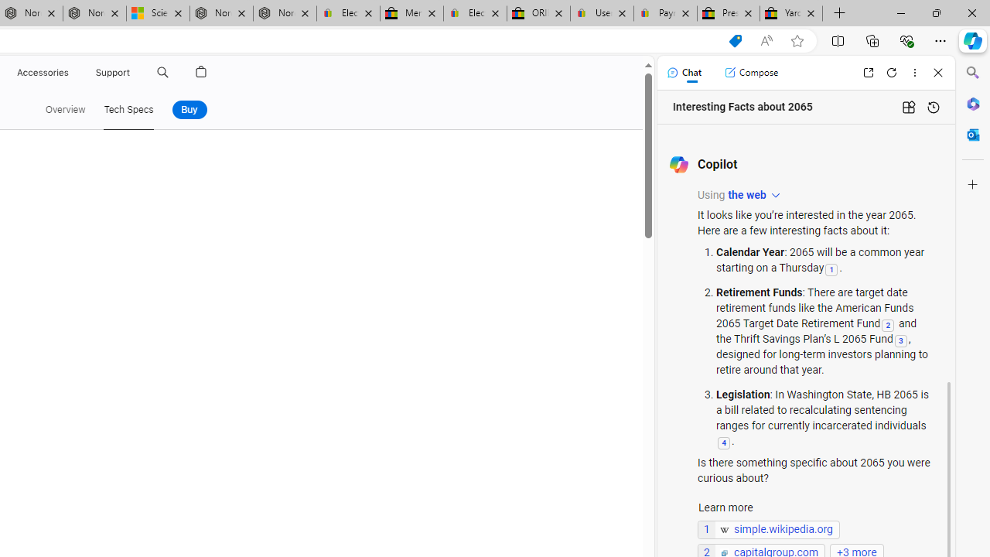 The width and height of the screenshot is (990, 557). I want to click on 'Accessories', so click(43, 72).